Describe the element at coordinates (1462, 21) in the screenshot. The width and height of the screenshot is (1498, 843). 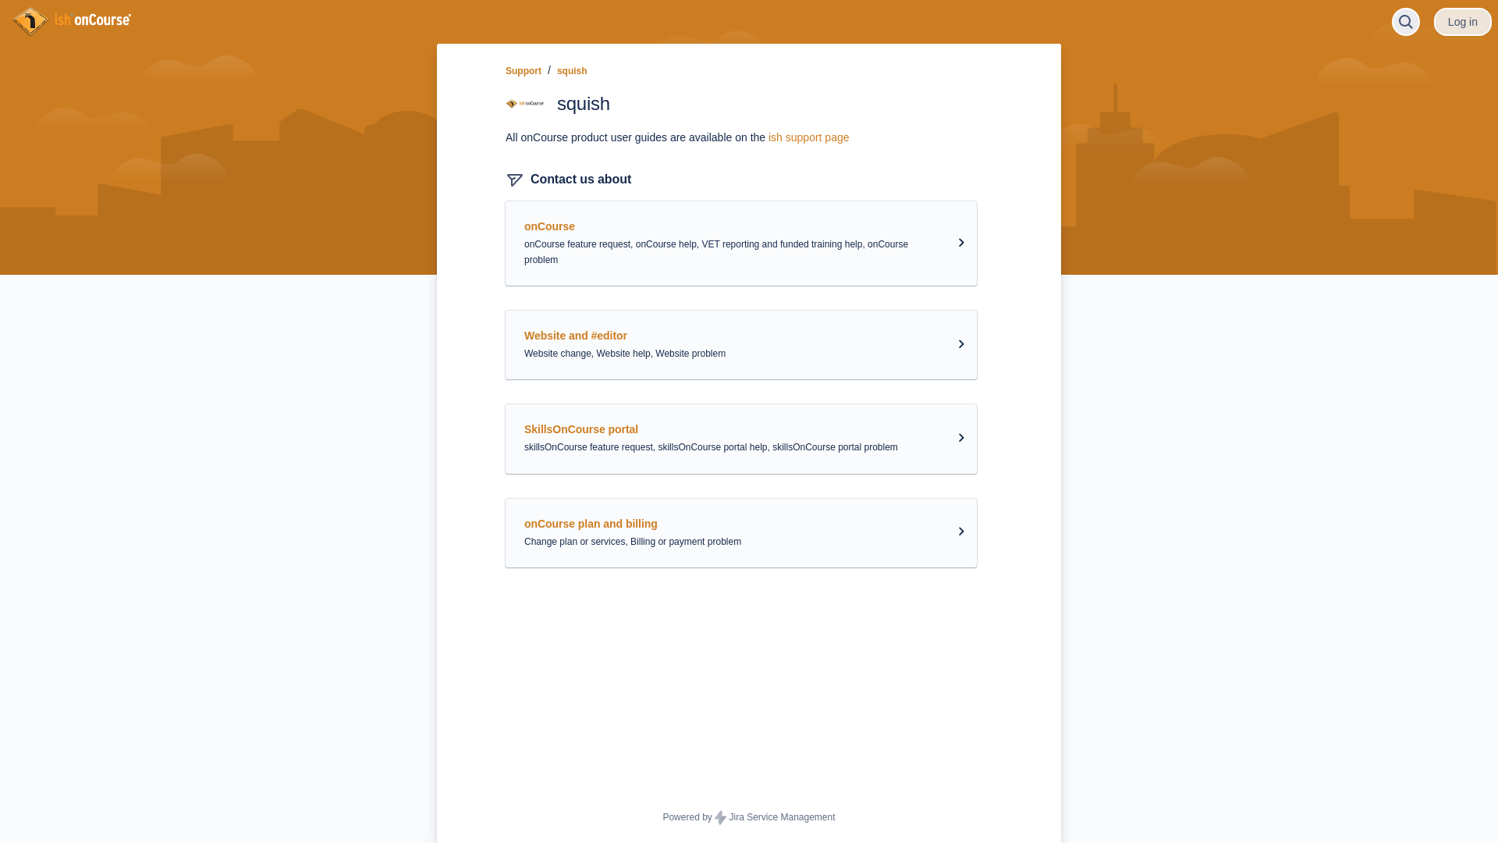
I see `'Log in'` at that location.